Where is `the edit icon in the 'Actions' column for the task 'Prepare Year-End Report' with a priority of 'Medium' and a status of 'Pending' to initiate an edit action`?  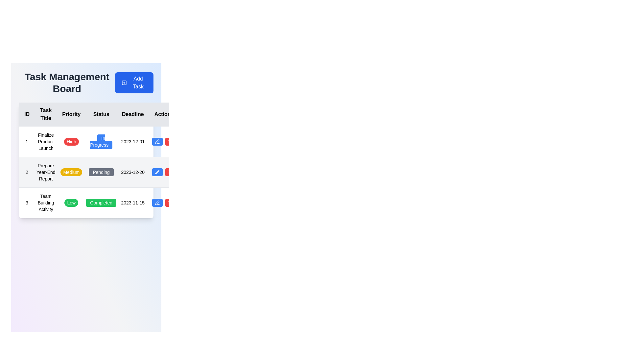
the edit icon in the 'Actions' column for the task 'Prepare Year-End Report' with a priority of 'Medium' and a status of 'Pending' to initiate an edit action is located at coordinates (157, 172).